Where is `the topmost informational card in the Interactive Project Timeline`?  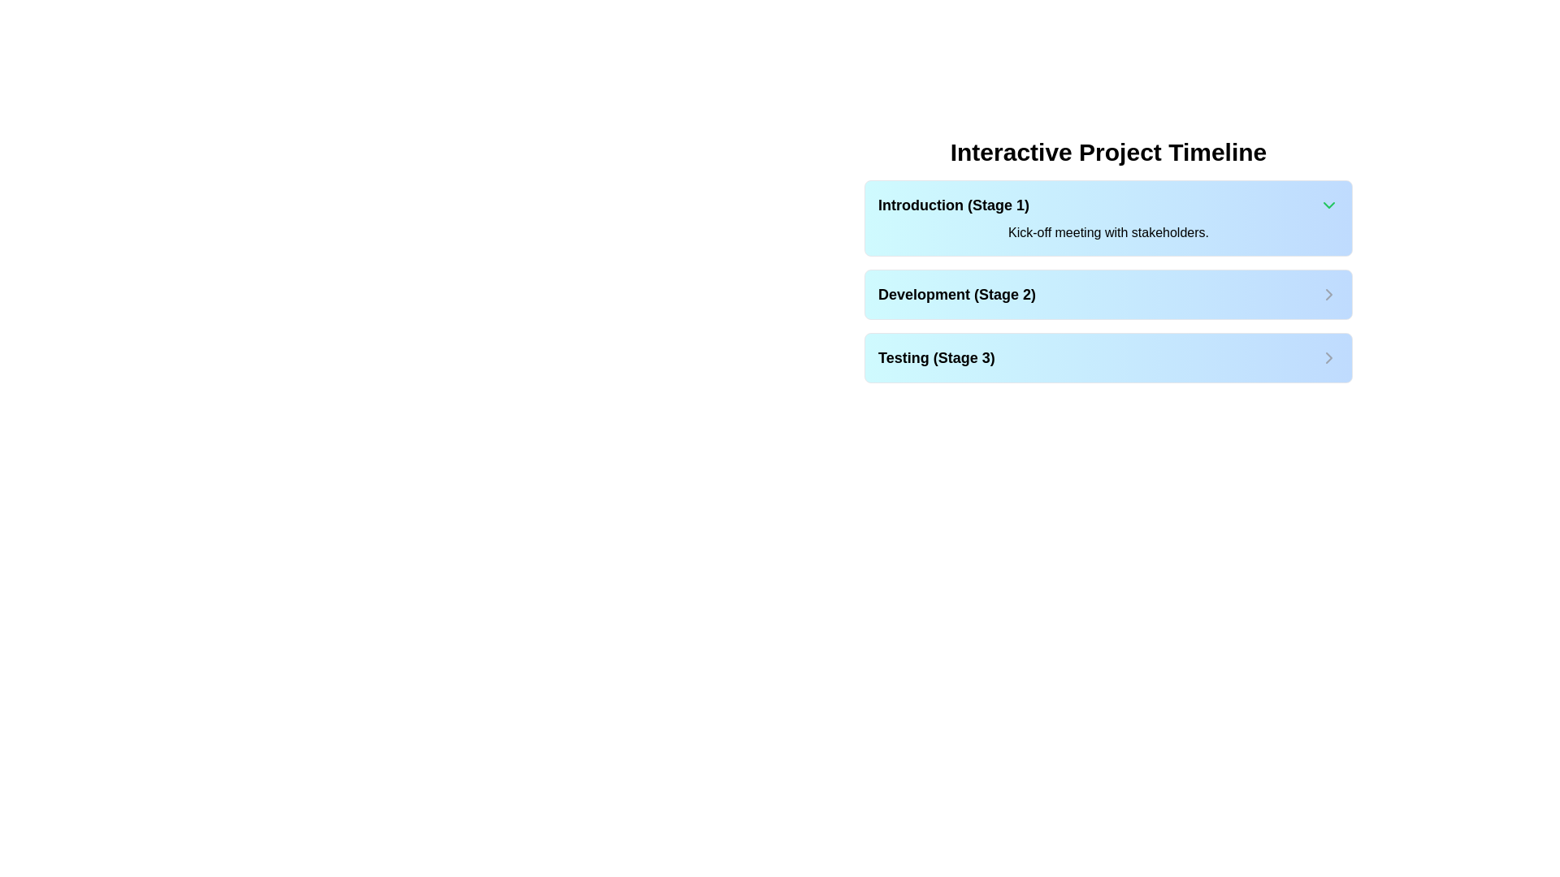 the topmost informational card in the Interactive Project Timeline is located at coordinates (1107, 218).